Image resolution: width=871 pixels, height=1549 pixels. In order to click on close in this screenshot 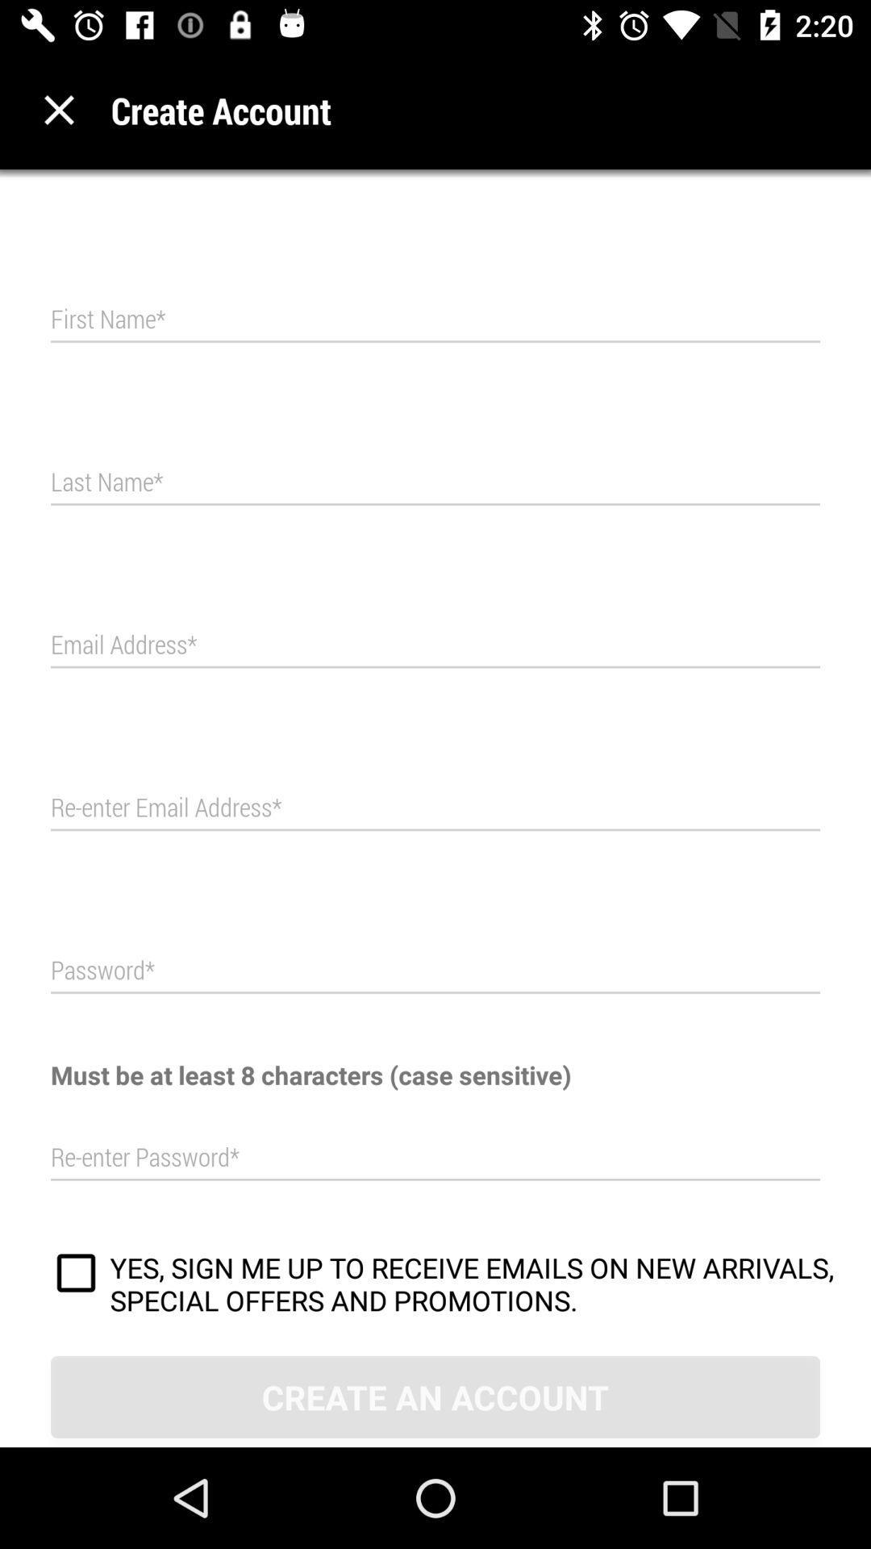, I will do `click(58, 109)`.